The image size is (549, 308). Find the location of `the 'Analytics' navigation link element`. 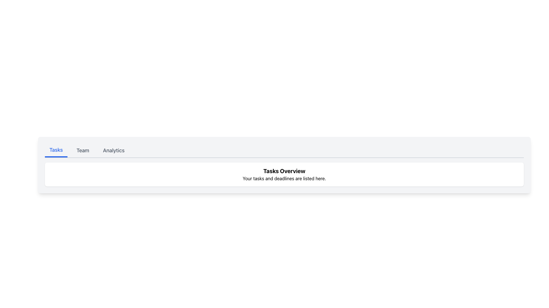

the 'Analytics' navigation link element is located at coordinates (114, 150).